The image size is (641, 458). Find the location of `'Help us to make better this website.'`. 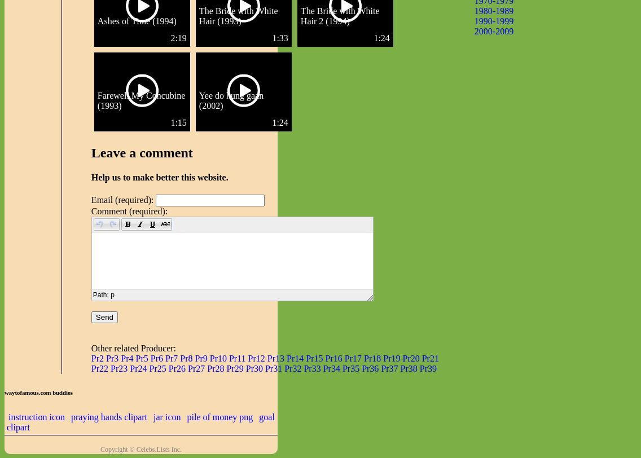

'Help us to make better this website.' is located at coordinates (159, 177).